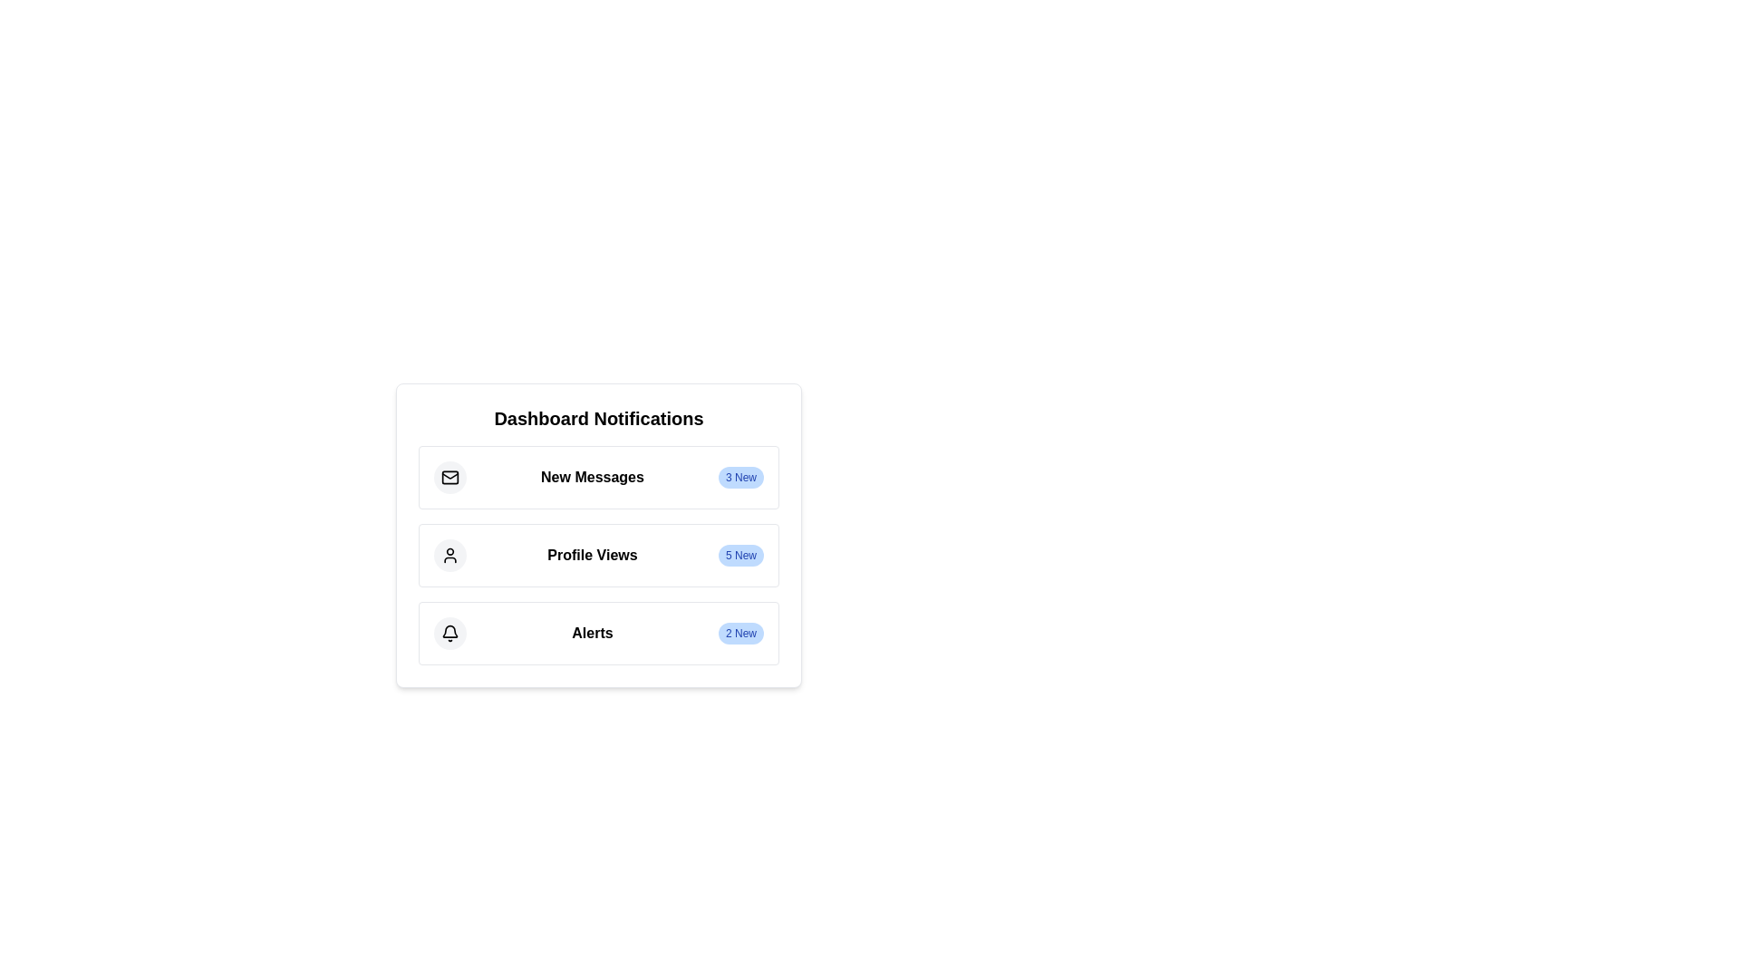 Image resolution: width=1740 pixels, height=979 pixels. Describe the element at coordinates (592, 554) in the screenshot. I see `the 'Profile Views' label in bold black font located in the second row of the notification panel, between the associated icon and the '5 New' badge` at that location.